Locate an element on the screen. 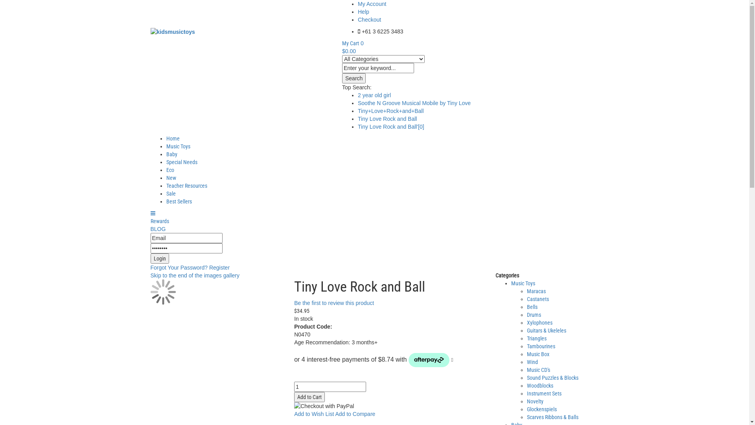  'Teacher Resources' is located at coordinates (186, 185).